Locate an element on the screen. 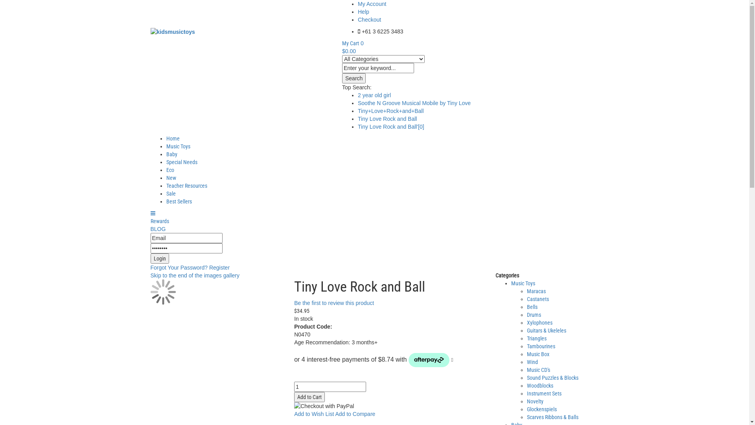  'Teacher Resources' is located at coordinates (186, 185).